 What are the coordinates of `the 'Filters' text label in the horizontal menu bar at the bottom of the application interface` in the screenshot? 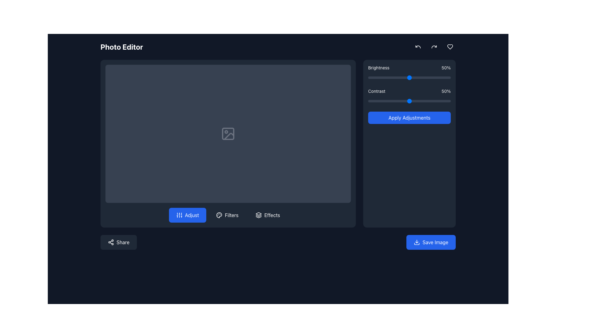 It's located at (231, 215).